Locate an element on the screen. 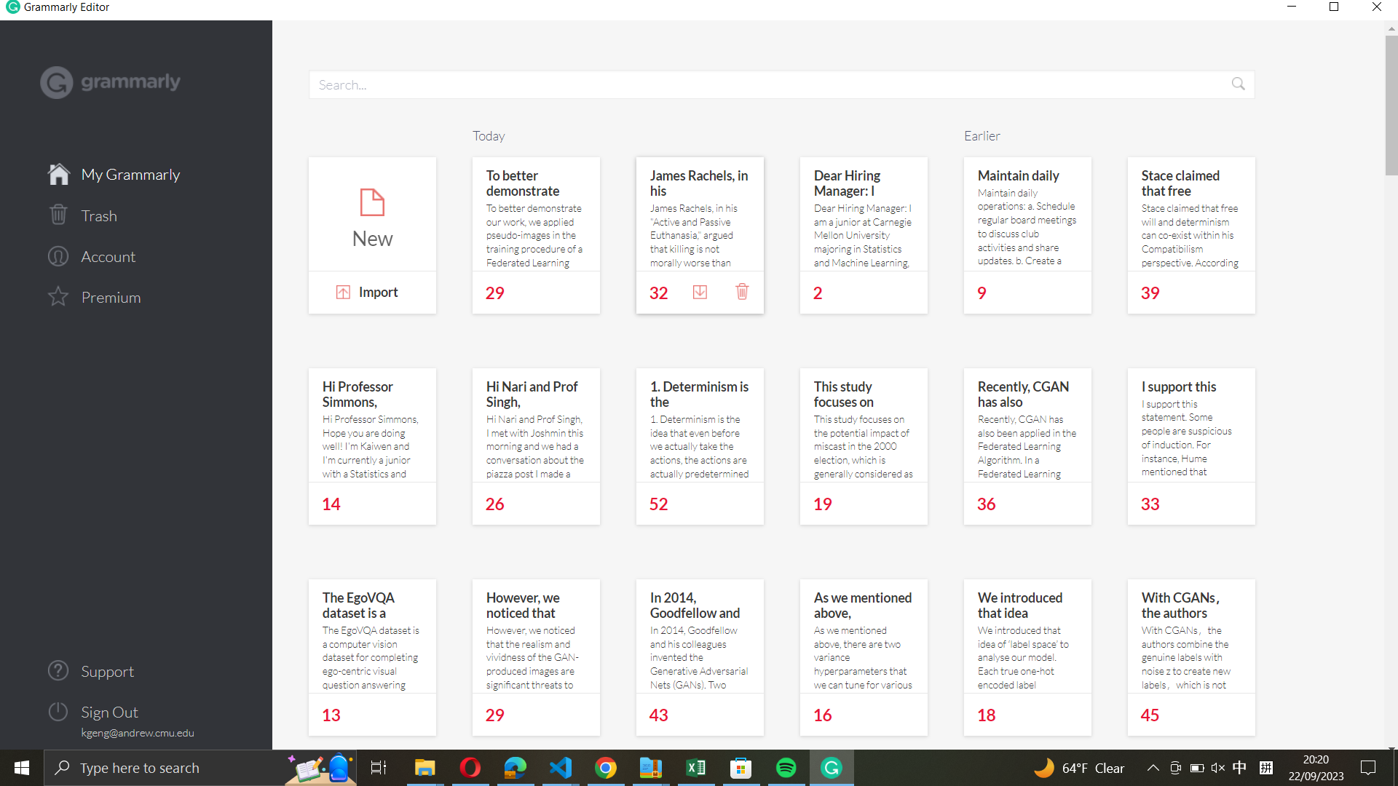  the document named "With CGANs, the authors" is located at coordinates (1191, 635).